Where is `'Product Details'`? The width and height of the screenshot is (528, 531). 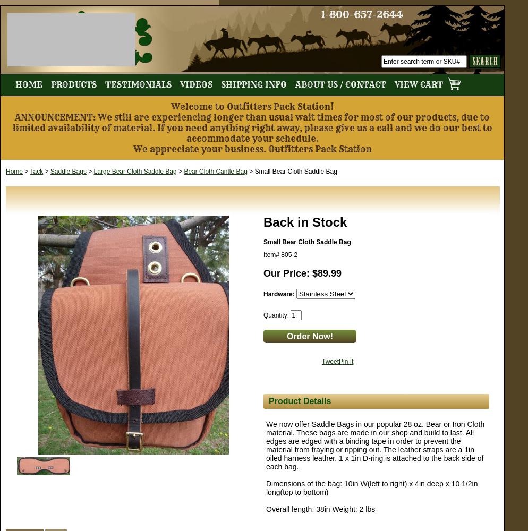 'Product Details' is located at coordinates (299, 401).